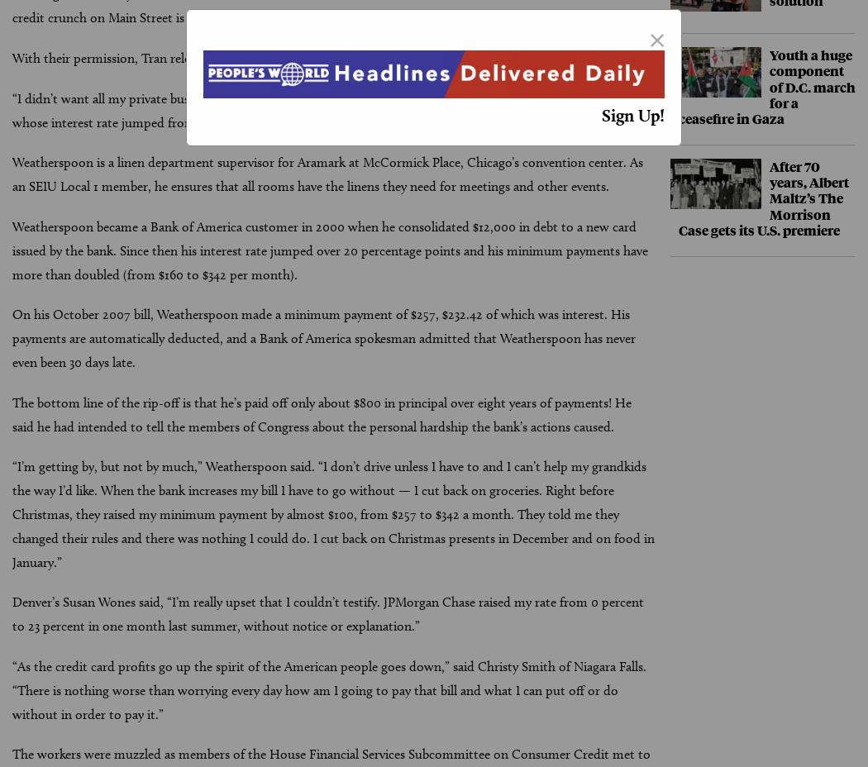  I want to click on 'Youth a huge component of D.C. march for a ceasefire in Gaza', so click(766, 85).